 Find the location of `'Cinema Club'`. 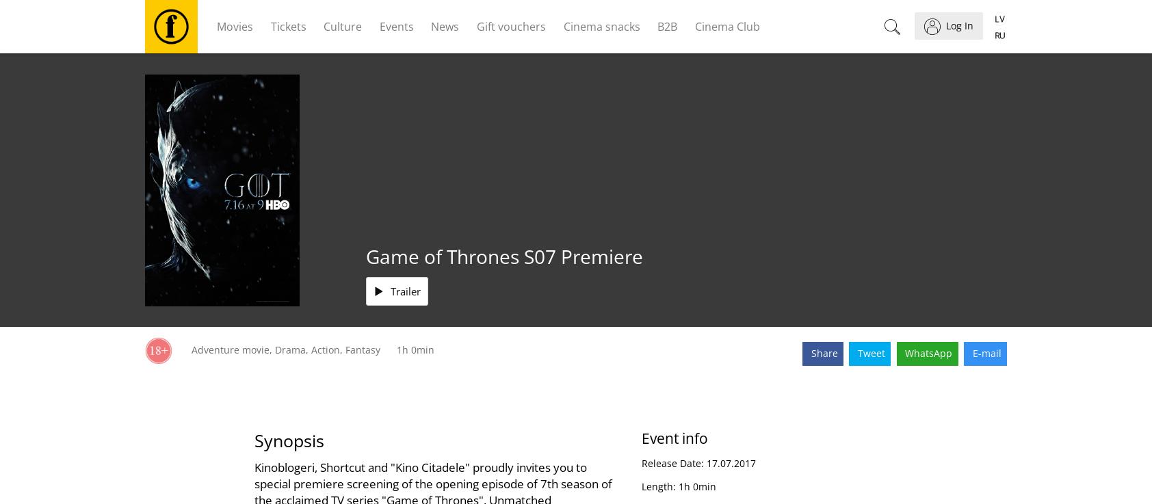

'Cinema Club' is located at coordinates (726, 25).